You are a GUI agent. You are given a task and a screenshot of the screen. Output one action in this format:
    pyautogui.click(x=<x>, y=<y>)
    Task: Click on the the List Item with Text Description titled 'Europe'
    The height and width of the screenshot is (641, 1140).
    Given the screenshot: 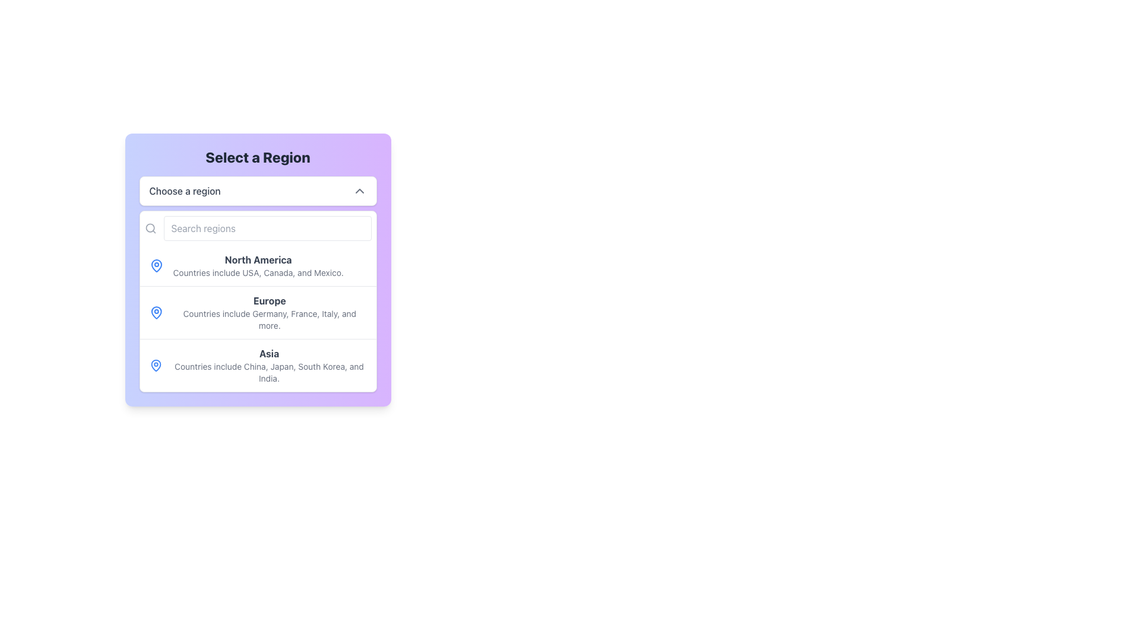 What is the action you would take?
    pyautogui.click(x=269, y=312)
    